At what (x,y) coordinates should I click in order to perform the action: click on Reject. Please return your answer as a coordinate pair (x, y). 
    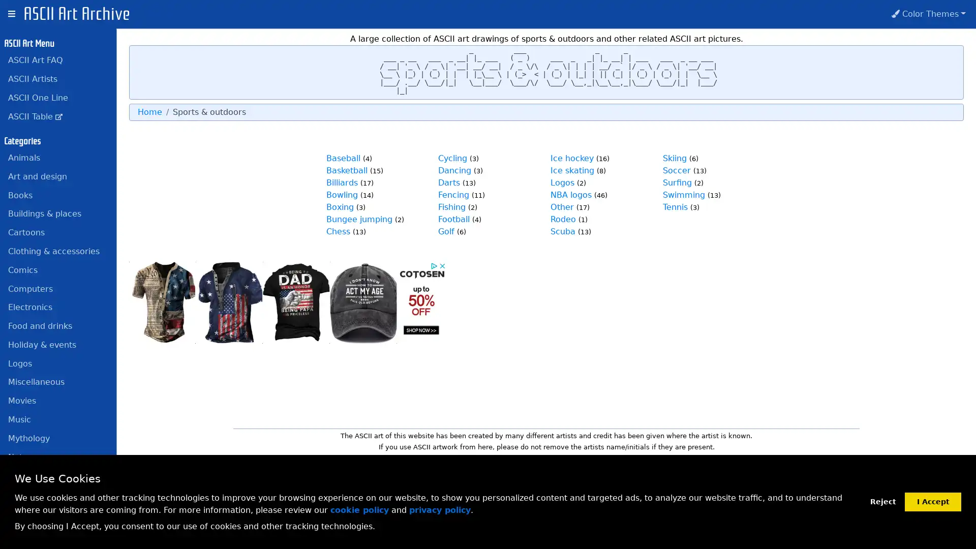
    Looking at the image, I should click on (882, 501).